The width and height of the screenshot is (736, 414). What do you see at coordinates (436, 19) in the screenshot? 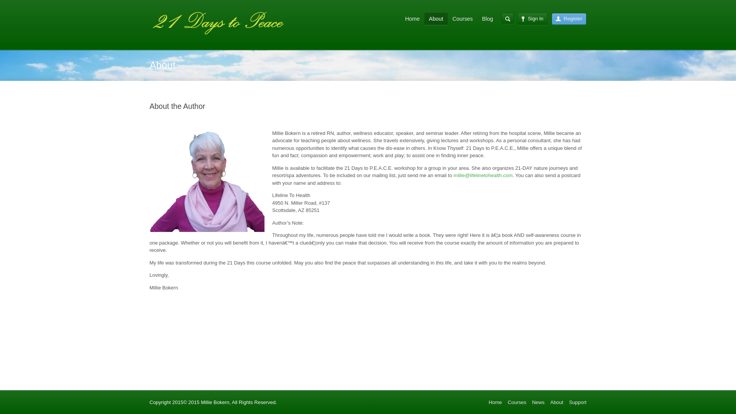
I see `'About'` at bounding box center [436, 19].